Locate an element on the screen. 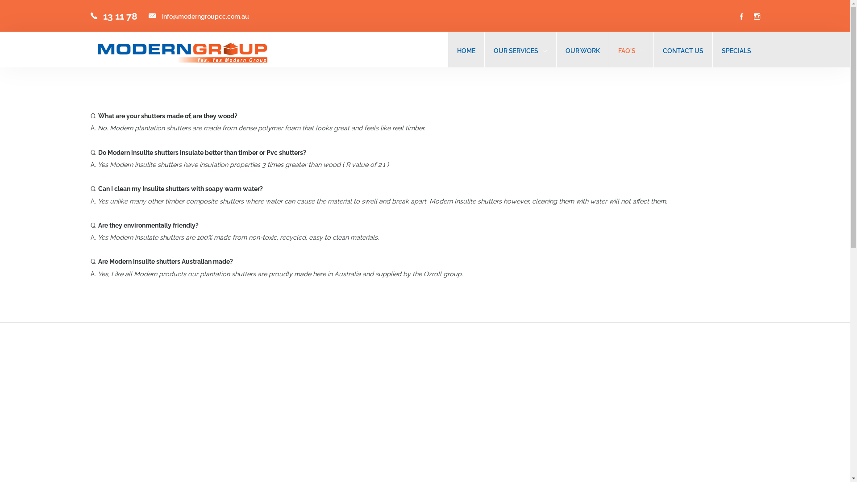 The width and height of the screenshot is (857, 482). '13 11 78' is located at coordinates (119, 16).